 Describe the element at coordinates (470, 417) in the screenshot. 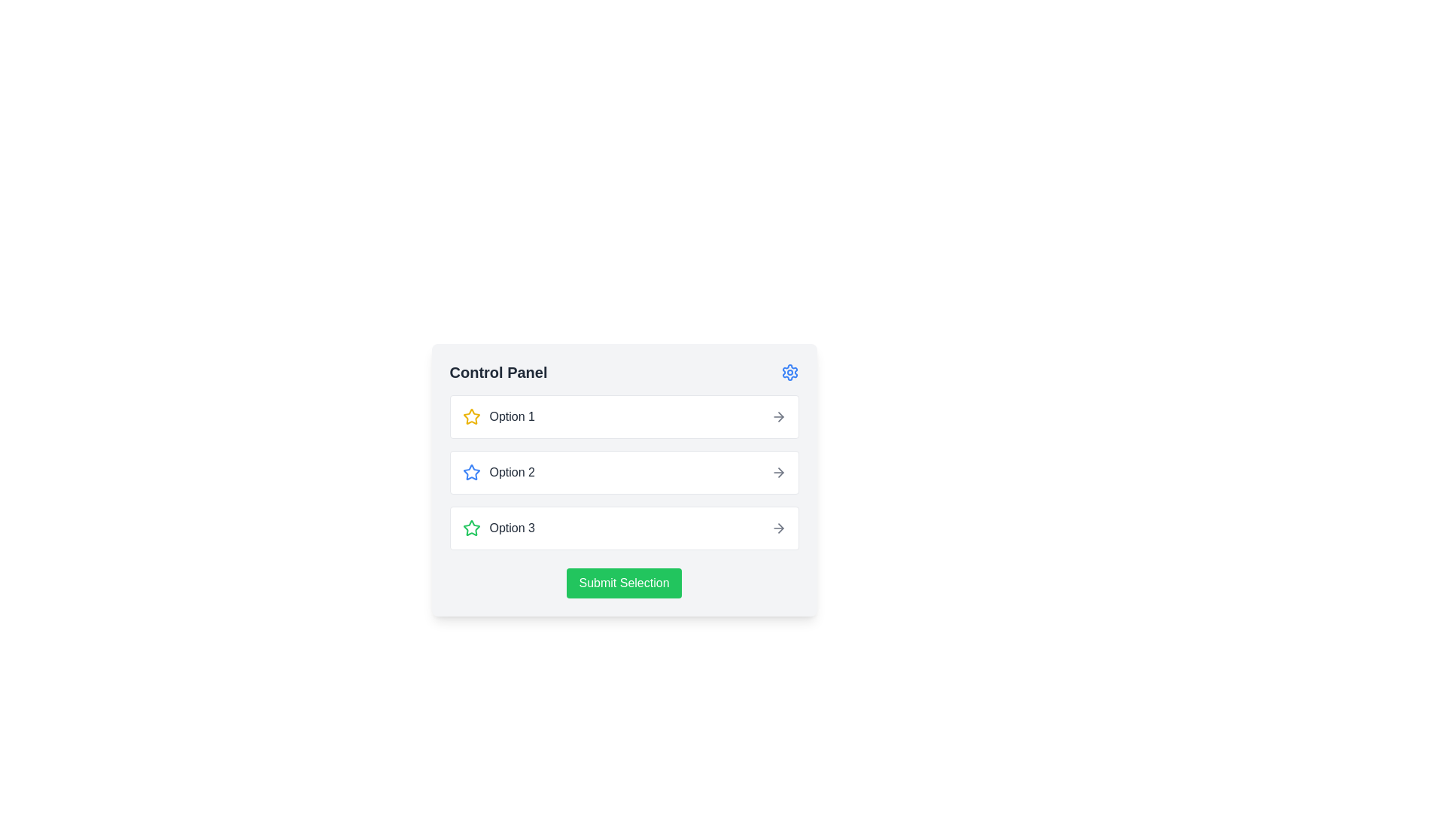

I see `the star icon with a yellow border, positioned to the left of 'Option 1' in the control panel's topmost row` at that location.